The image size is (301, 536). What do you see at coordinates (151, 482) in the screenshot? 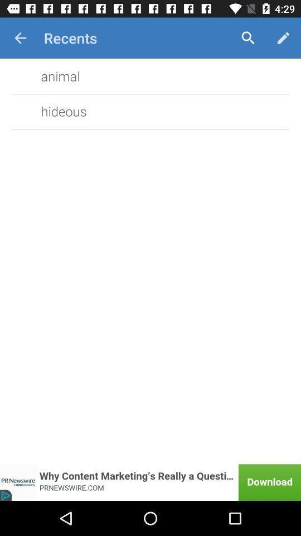
I see `the item below the hideous item` at bounding box center [151, 482].